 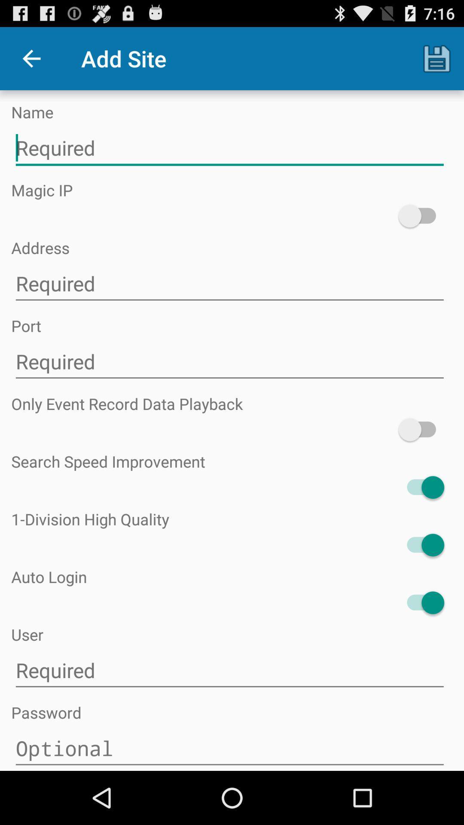 What do you see at coordinates (421, 544) in the screenshot?
I see `turn off` at bounding box center [421, 544].